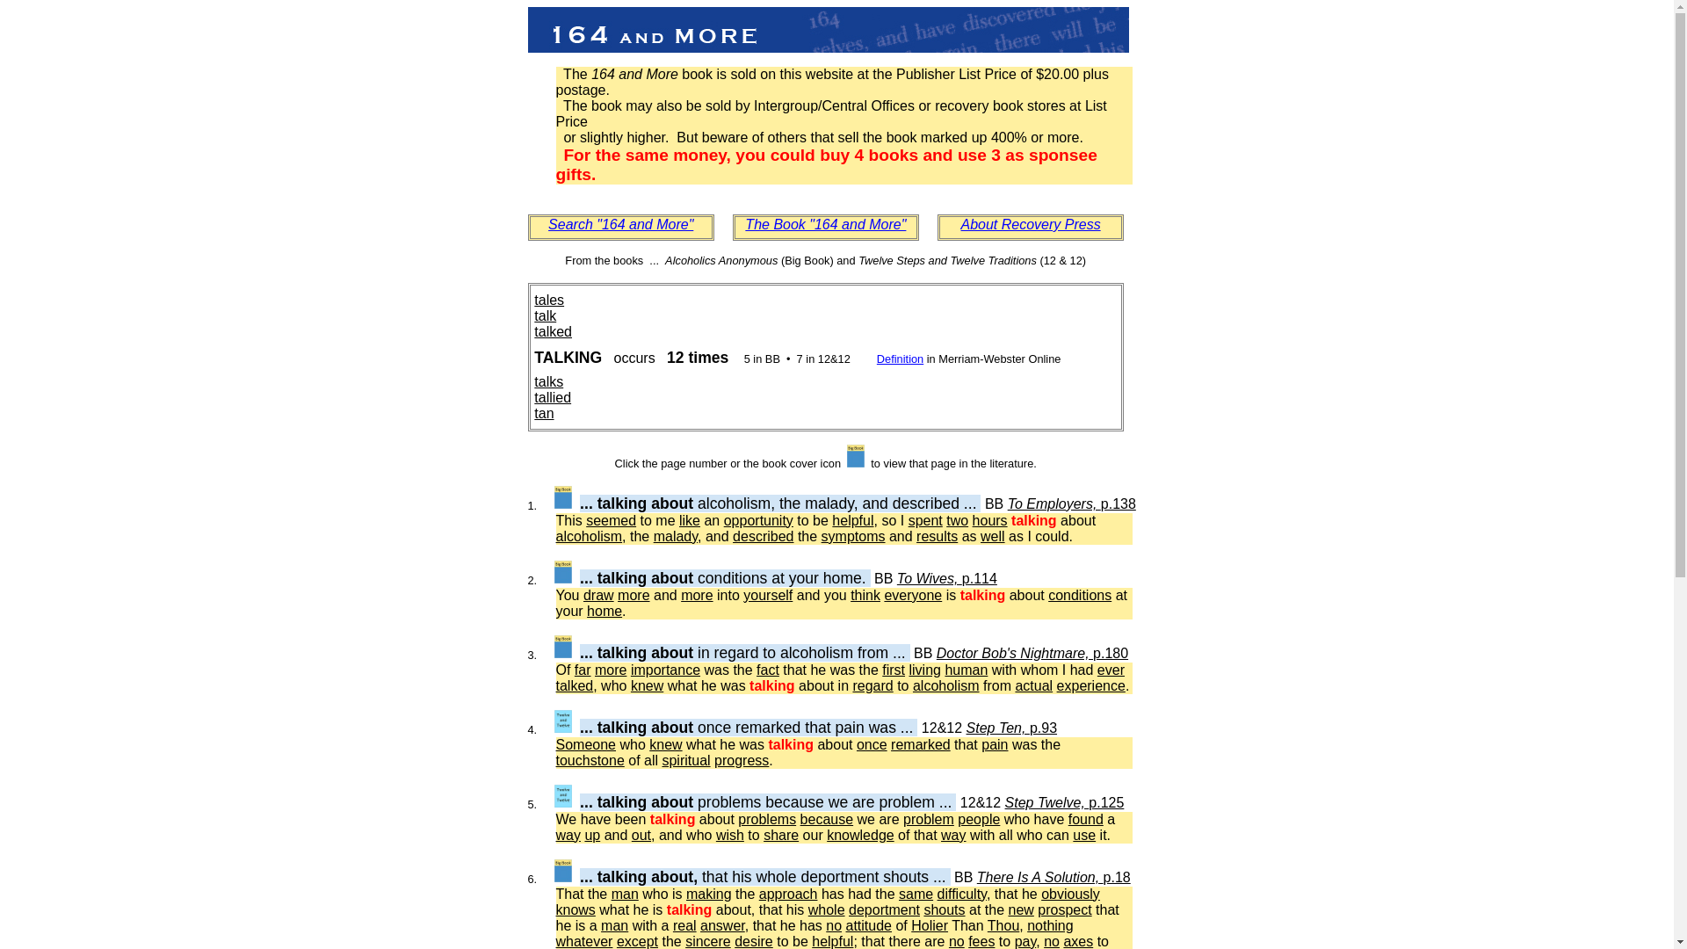 This screenshot has width=1687, height=949. What do you see at coordinates (632, 834) in the screenshot?
I see `'out'` at bounding box center [632, 834].